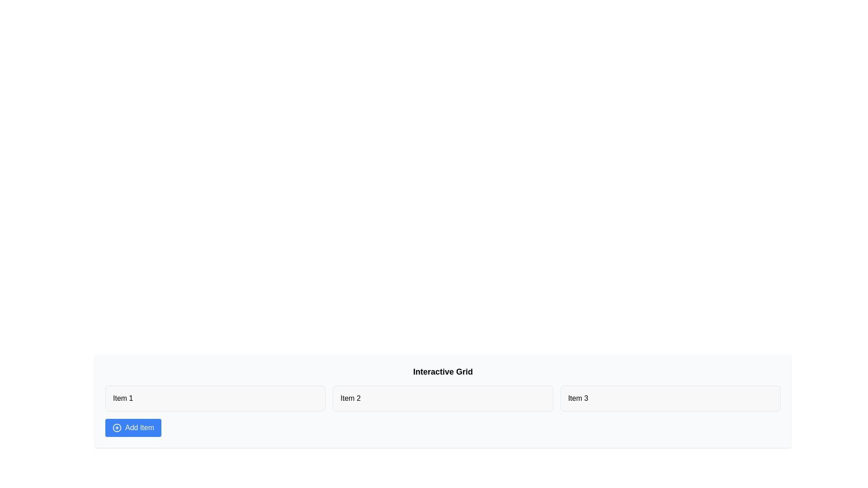 The image size is (868, 488). Describe the element at coordinates (132, 427) in the screenshot. I see `the 'Add Item' button to add a new item to the grid` at that location.